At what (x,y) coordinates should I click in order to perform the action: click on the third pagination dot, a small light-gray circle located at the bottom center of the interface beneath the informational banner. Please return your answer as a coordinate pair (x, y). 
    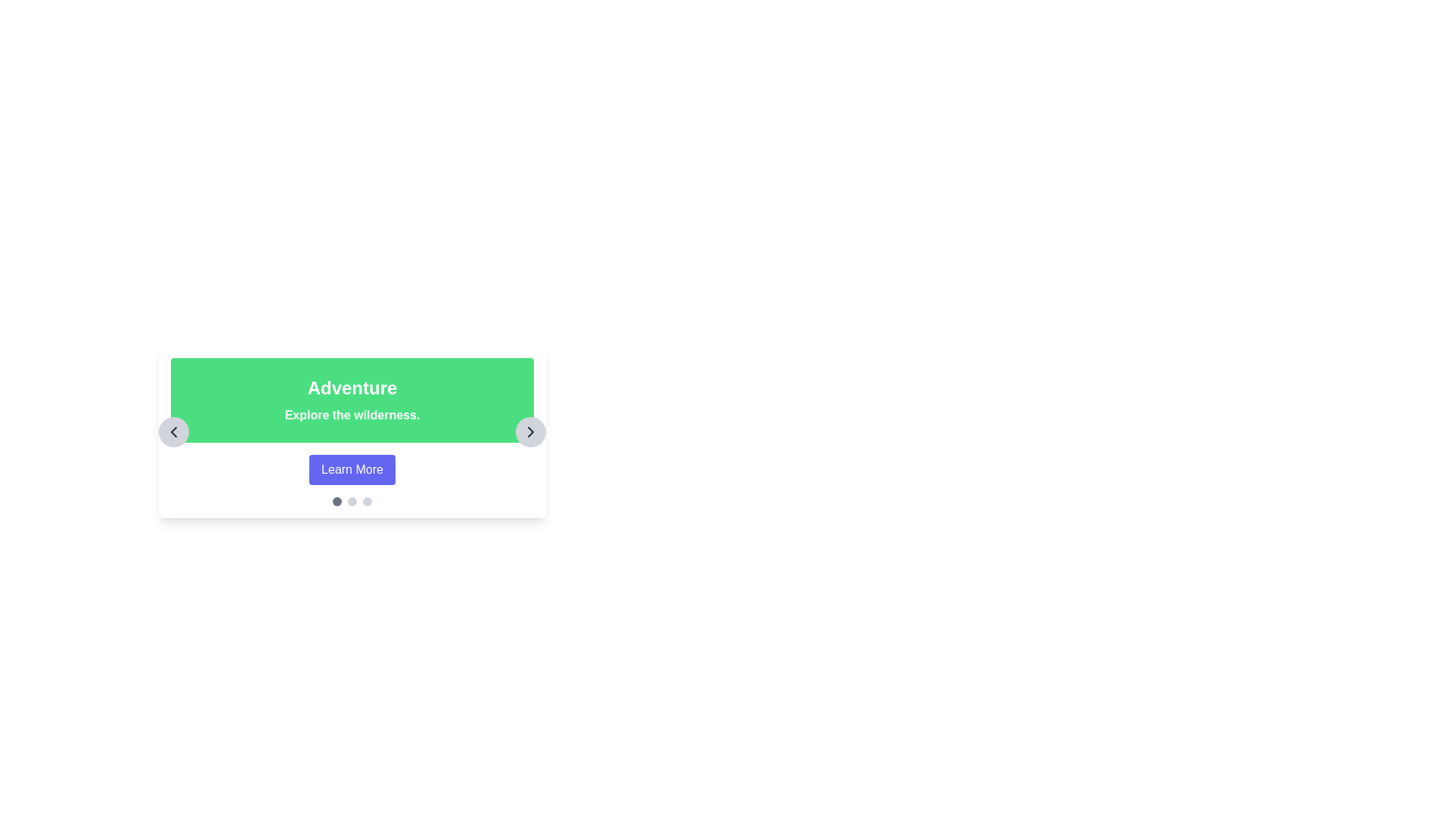
    Looking at the image, I should click on (367, 501).